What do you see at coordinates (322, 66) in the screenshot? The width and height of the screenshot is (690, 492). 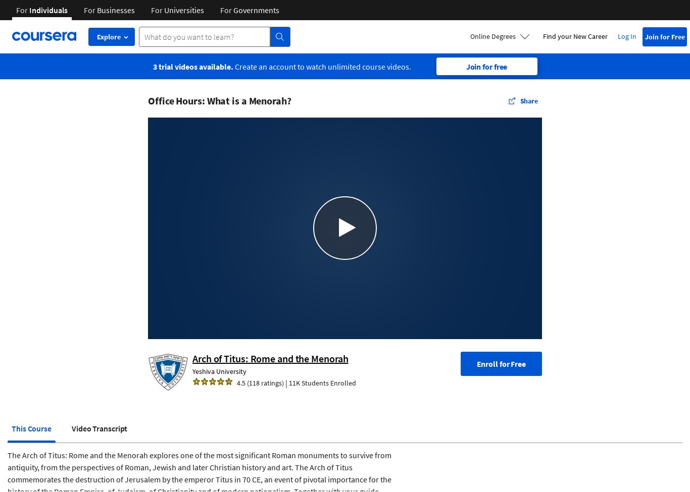 I see `'Create an account to watch unlimited course videos.'` at bounding box center [322, 66].